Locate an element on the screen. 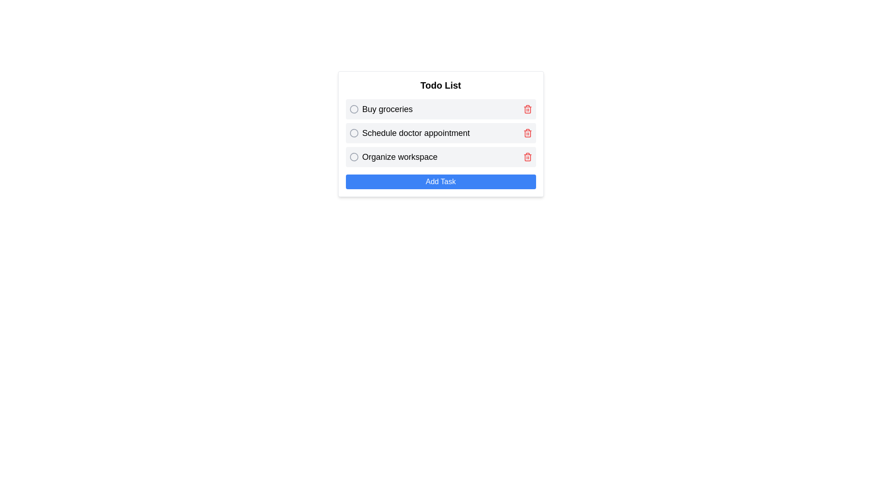 The image size is (882, 496). the leftmost circular checkbox in the 'Organize workspace' section to potentially trigger hover effects is located at coordinates (353, 157).